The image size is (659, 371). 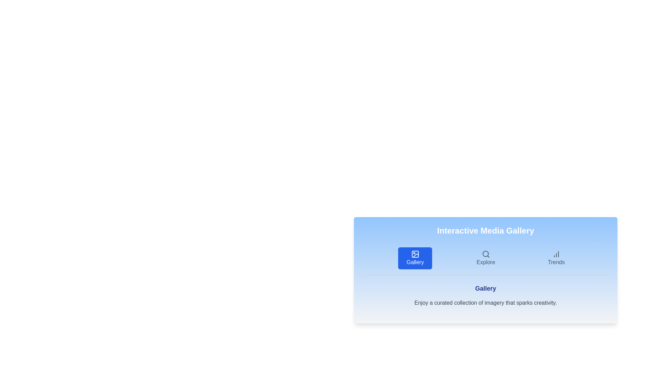 What do you see at coordinates (415, 258) in the screenshot?
I see `the tab labeled Gallery to observe visual changes` at bounding box center [415, 258].